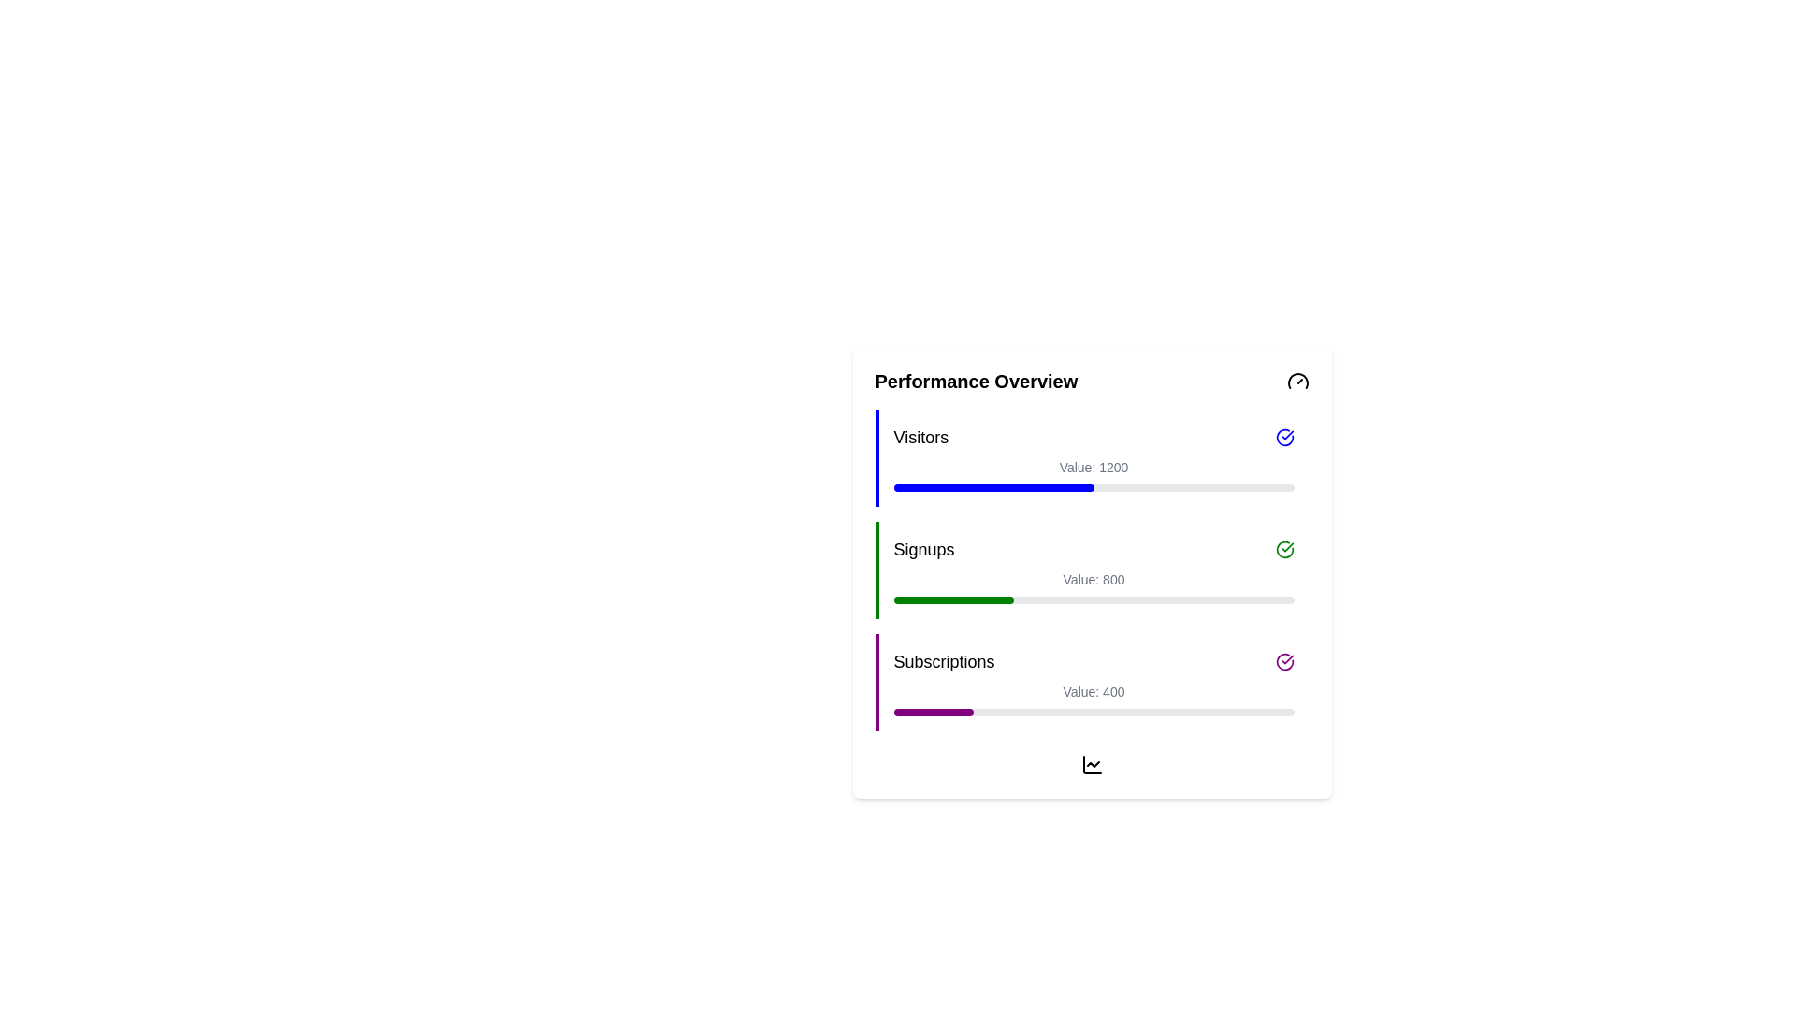  I want to click on the positive status icon located in the 'Signups' section of the 'Performance Overview' card, positioned to the far right and aligned with the 'Signups' text, so click(1283, 548).